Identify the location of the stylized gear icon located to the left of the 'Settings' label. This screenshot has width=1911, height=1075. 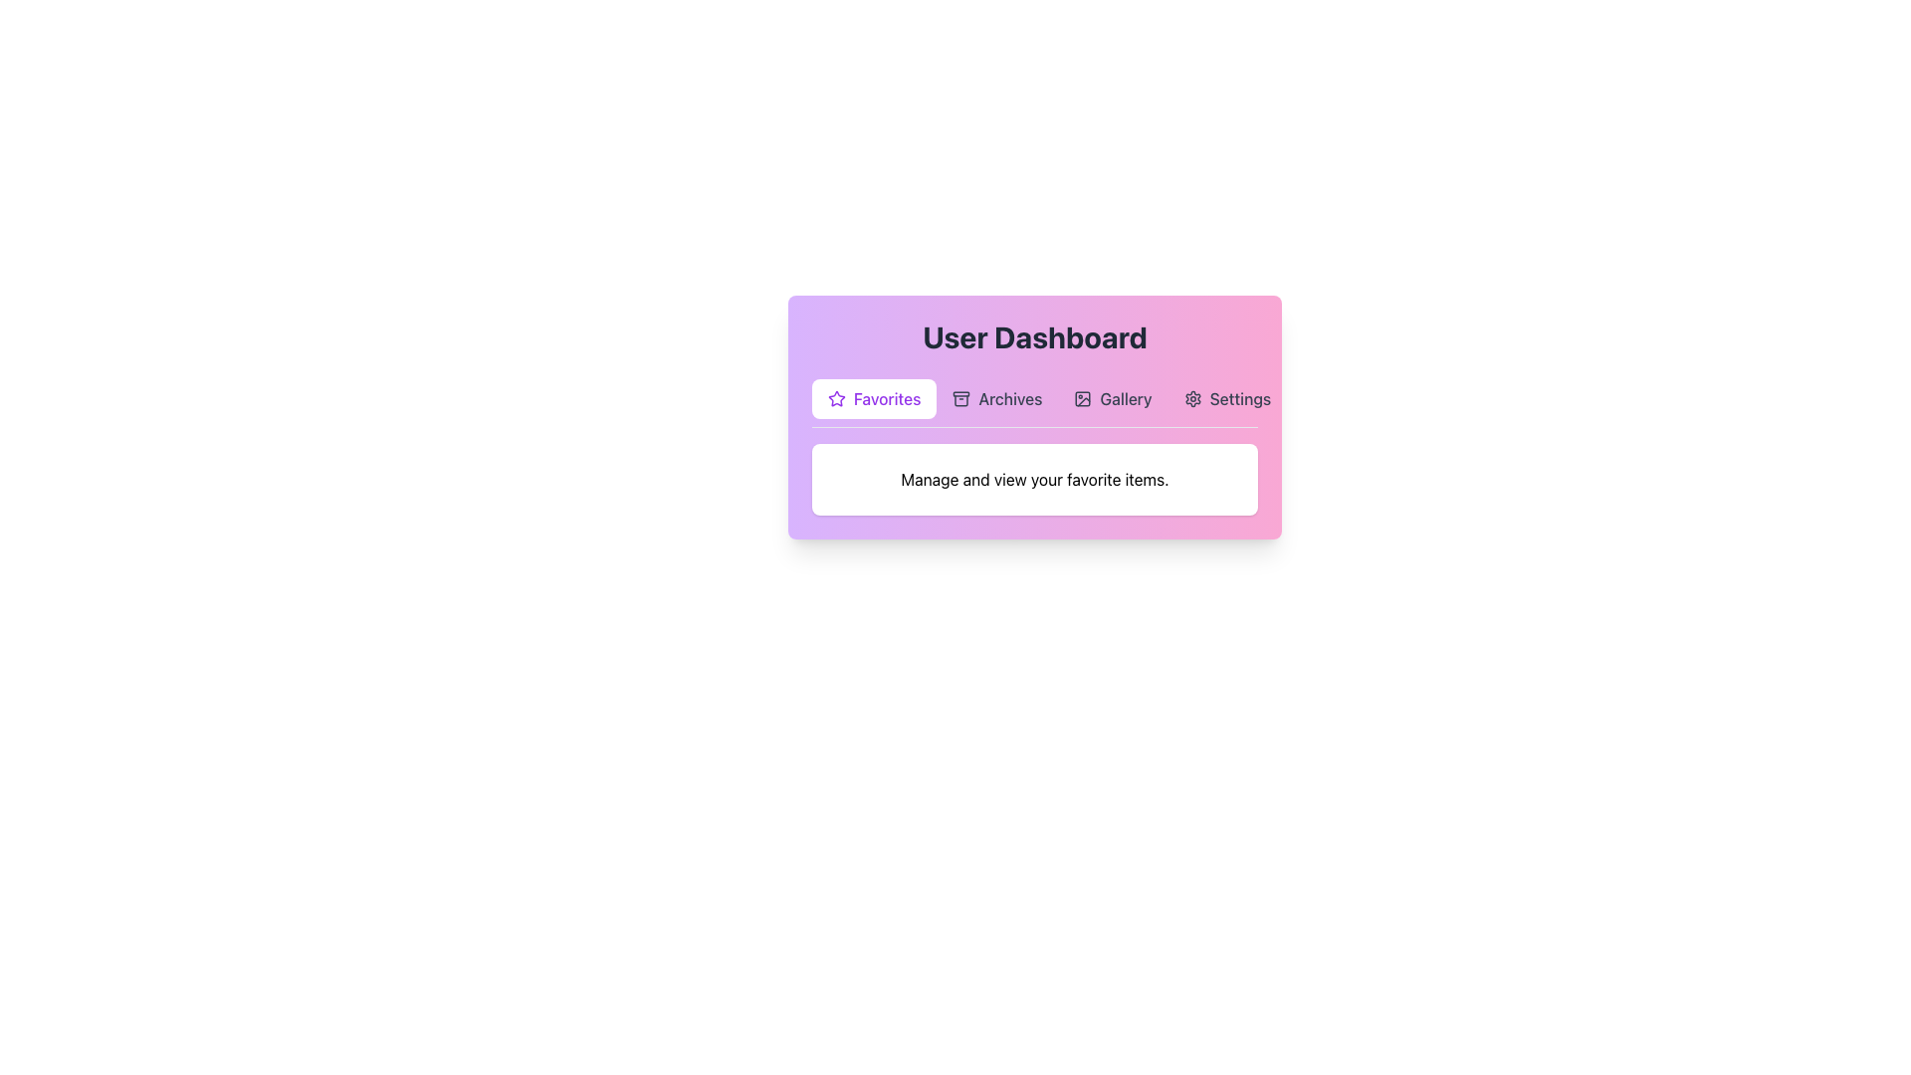
(1192, 399).